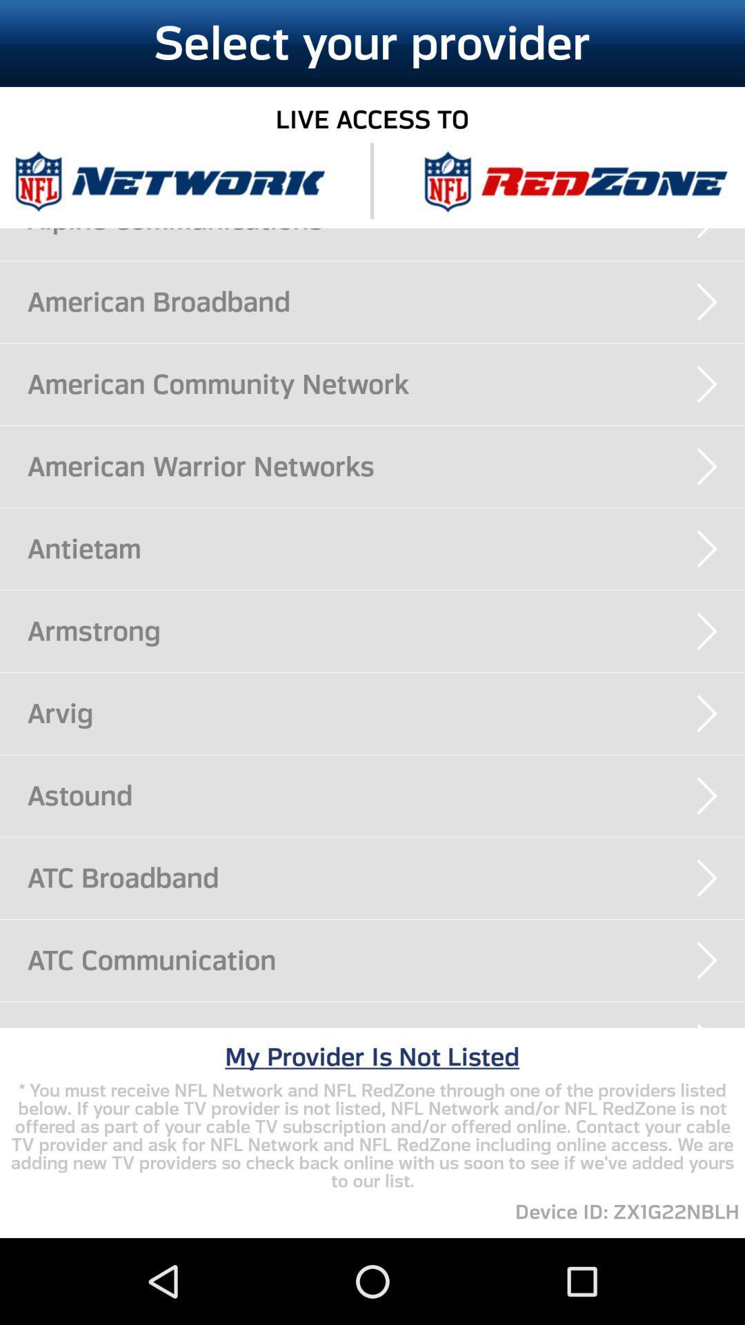 Image resolution: width=745 pixels, height=1325 pixels. Describe the element at coordinates (386, 877) in the screenshot. I see `atc broadband item` at that location.